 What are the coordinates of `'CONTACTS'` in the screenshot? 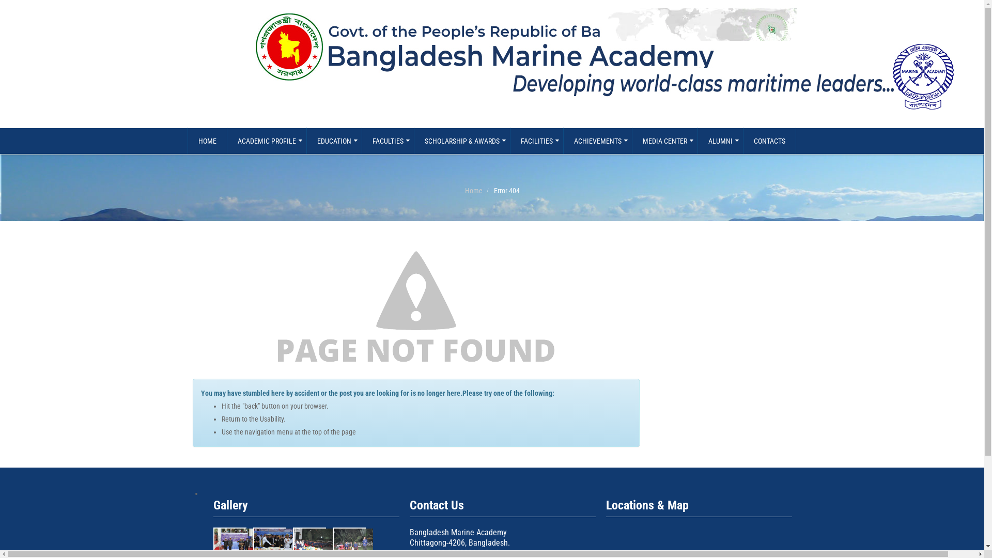 It's located at (769, 141).